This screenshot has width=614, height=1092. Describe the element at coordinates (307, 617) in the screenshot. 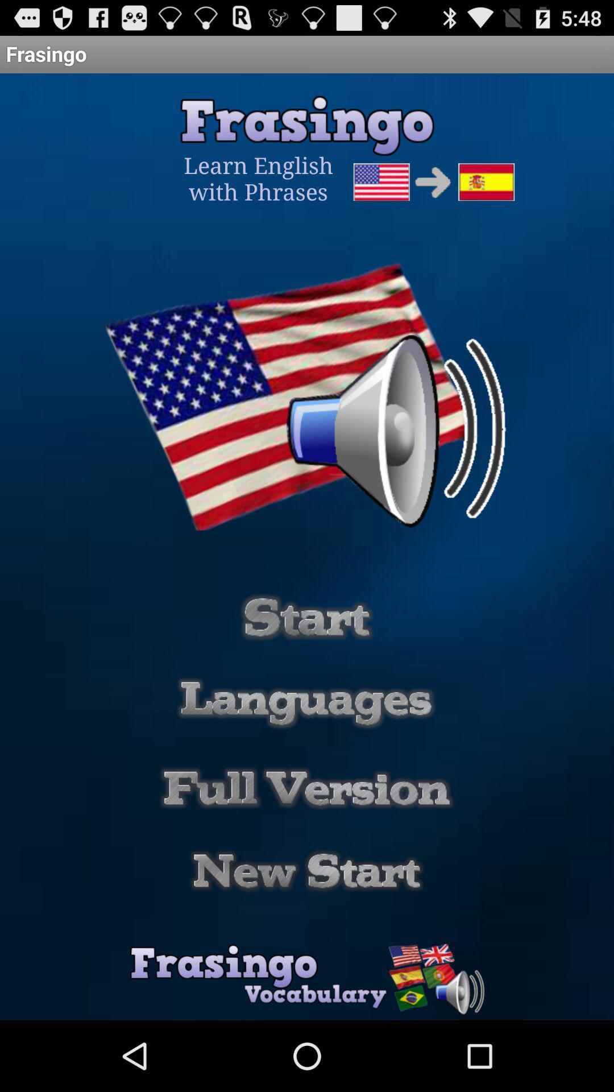

I see `start button` at that location.